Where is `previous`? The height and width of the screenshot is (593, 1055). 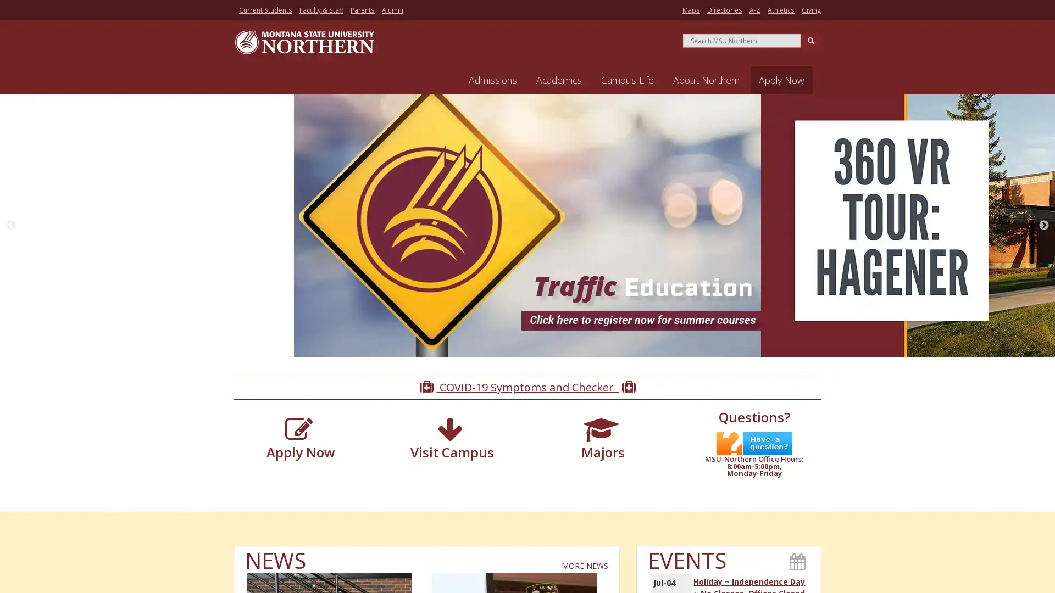
previous is located at coordinates (10, 226).